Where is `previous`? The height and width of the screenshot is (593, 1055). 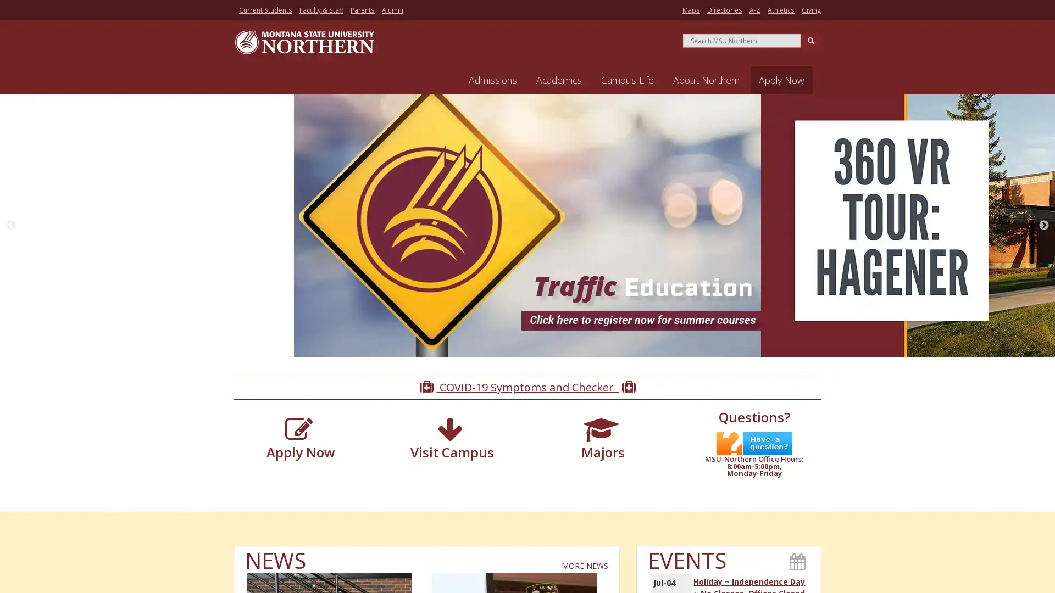
previous is located at coordinates (10, 226).